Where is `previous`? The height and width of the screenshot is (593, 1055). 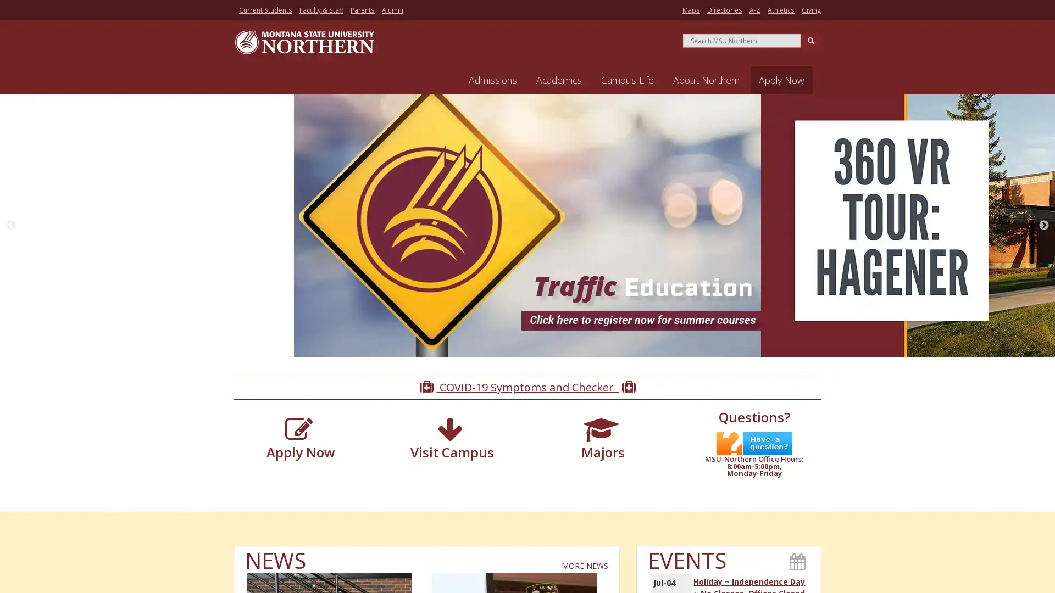
previous is located at coordinates (10, 226).